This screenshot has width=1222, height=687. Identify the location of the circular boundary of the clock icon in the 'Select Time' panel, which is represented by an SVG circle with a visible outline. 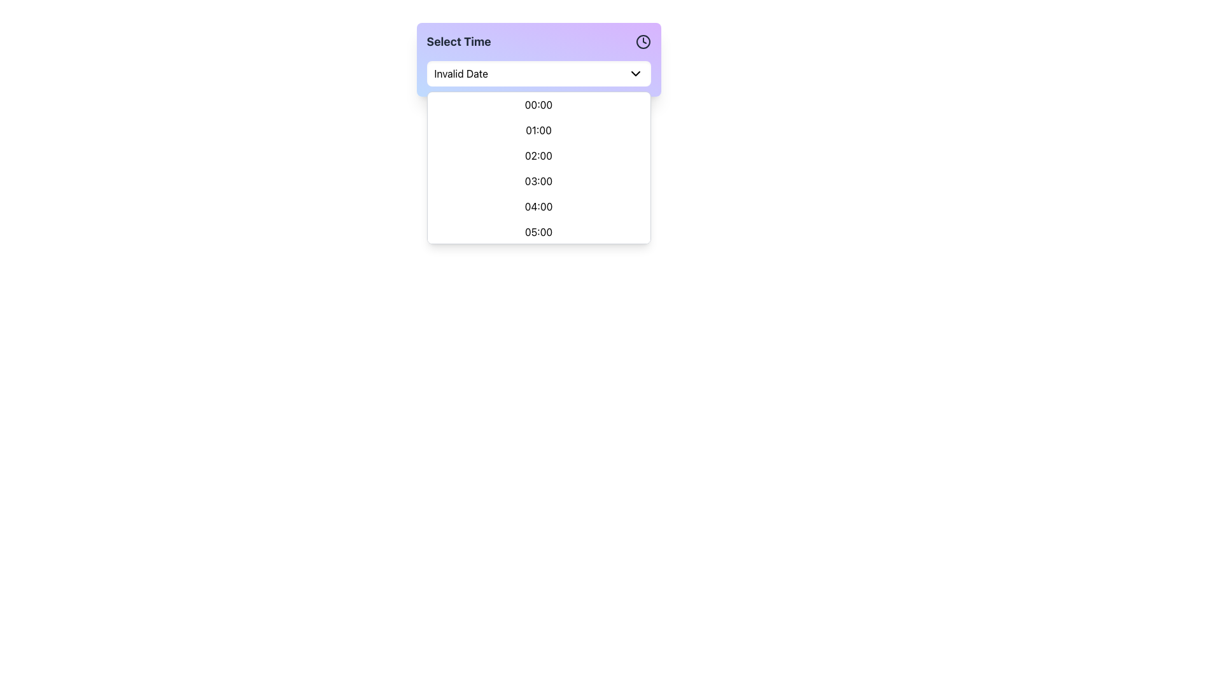
(643, 41).